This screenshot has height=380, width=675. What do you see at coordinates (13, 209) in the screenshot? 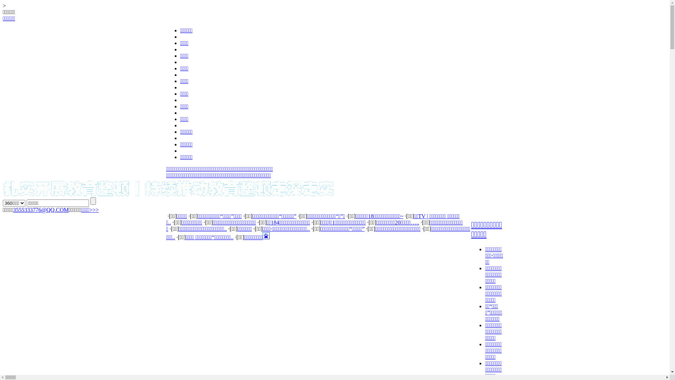
I see `'3555333776@QQ.COM'` at bounding box center [13, 209].